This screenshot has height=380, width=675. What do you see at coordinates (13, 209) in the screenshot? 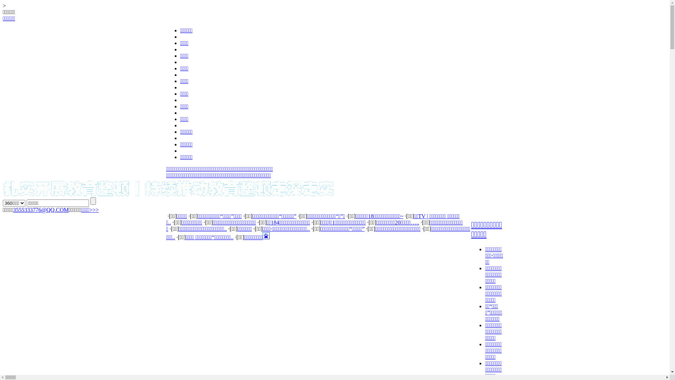
I see `'3555333776@QQ.COM'` at bounding box center [13, 209].